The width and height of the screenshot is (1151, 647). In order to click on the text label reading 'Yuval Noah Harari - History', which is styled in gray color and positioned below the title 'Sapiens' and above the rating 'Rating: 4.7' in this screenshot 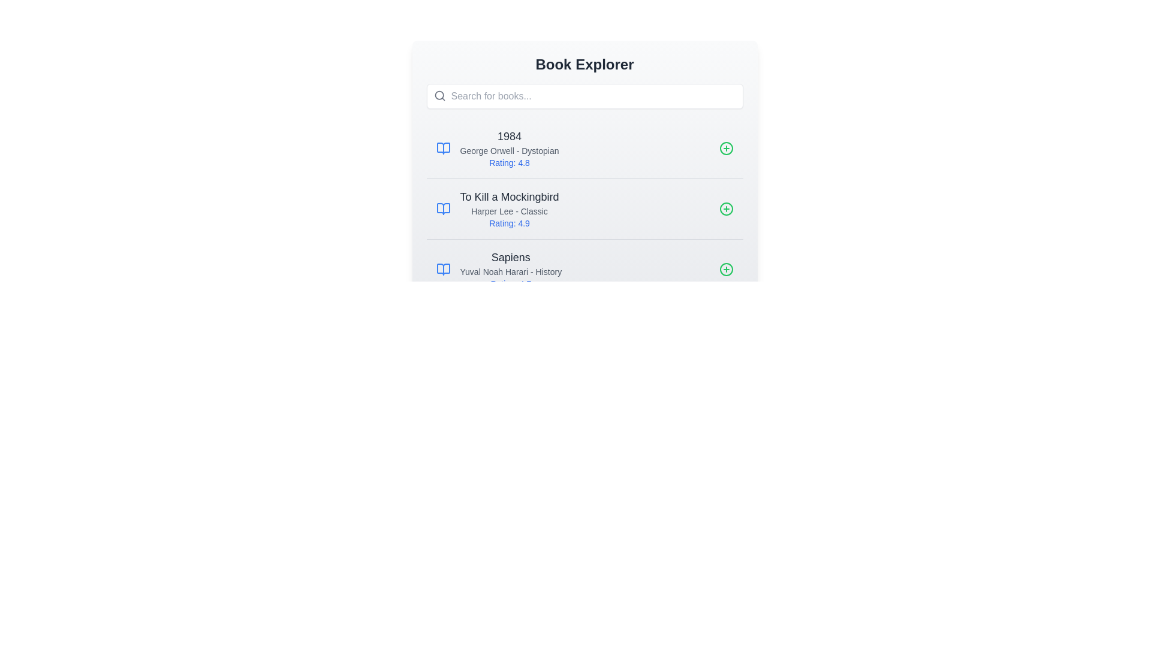, I will do `click(511, 272)`.